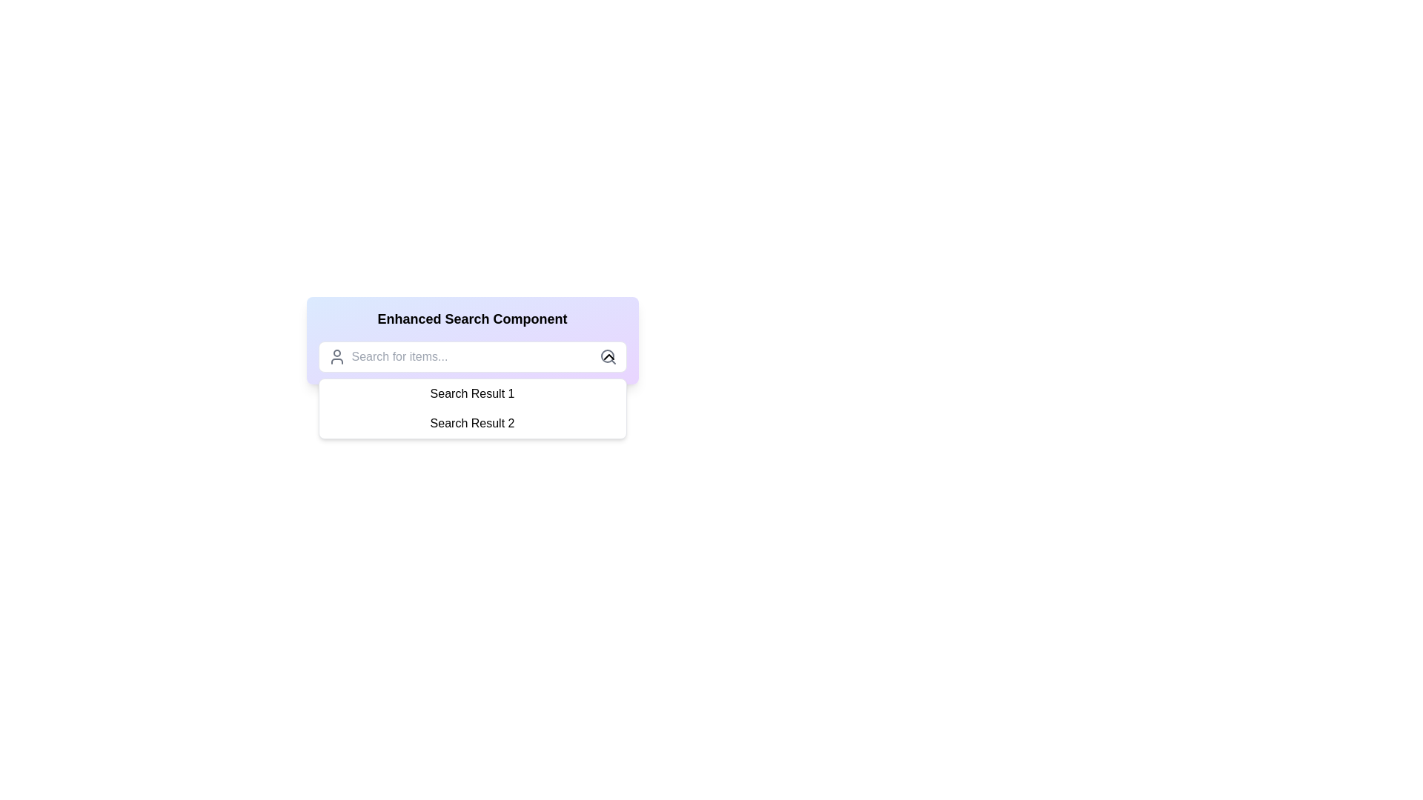 The height and width of the screenshot is (800, 1423). I want to click on the Search Bar Component, which has a gradient background and contains the text 'Enhanced Search Component', so click(471, 340).